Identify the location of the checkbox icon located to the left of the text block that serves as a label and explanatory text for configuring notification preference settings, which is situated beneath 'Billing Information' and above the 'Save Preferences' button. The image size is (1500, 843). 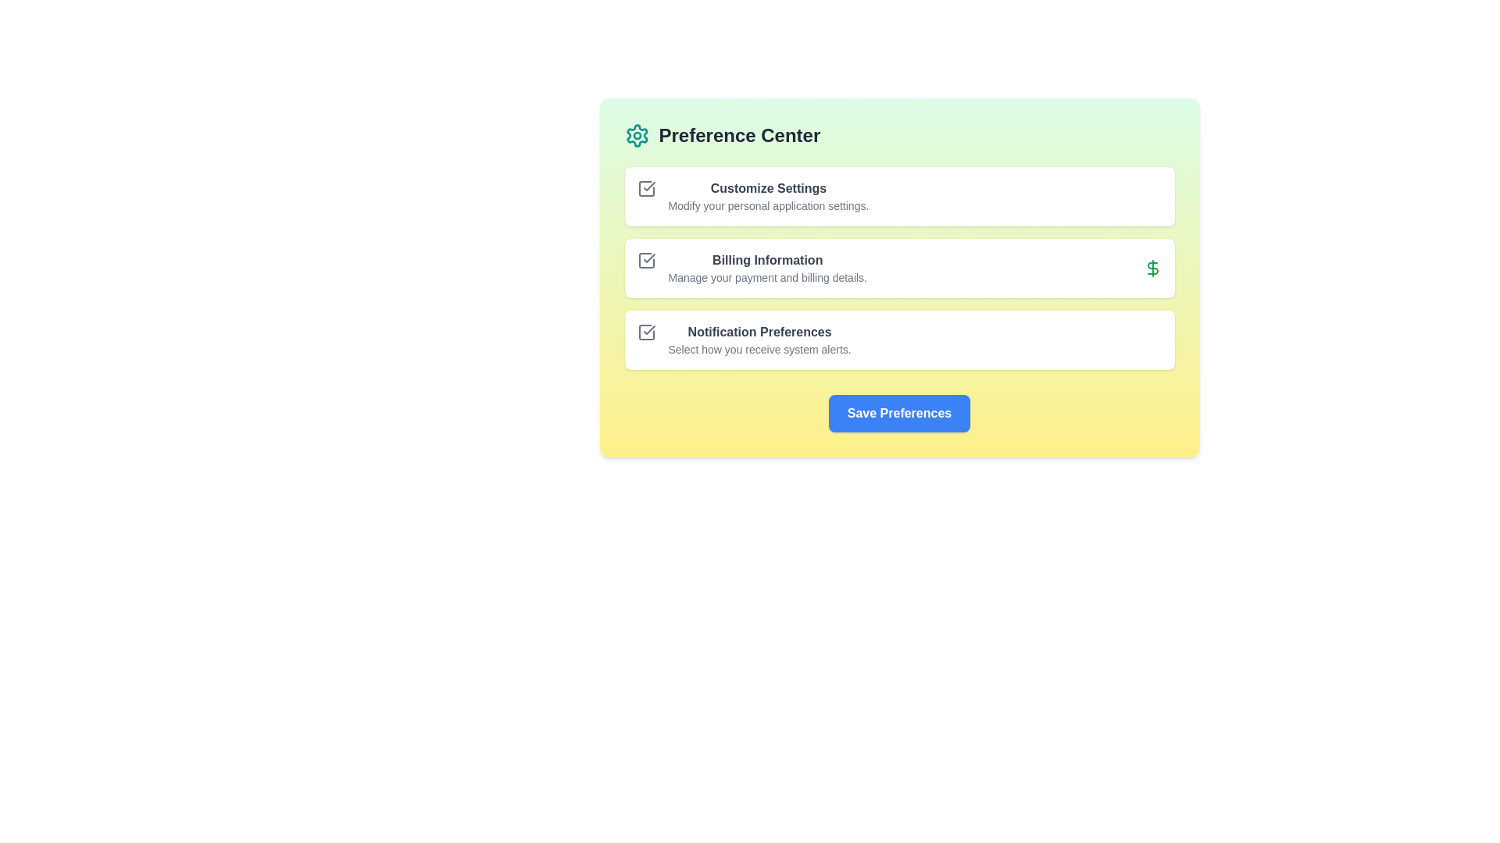
(759, 339).